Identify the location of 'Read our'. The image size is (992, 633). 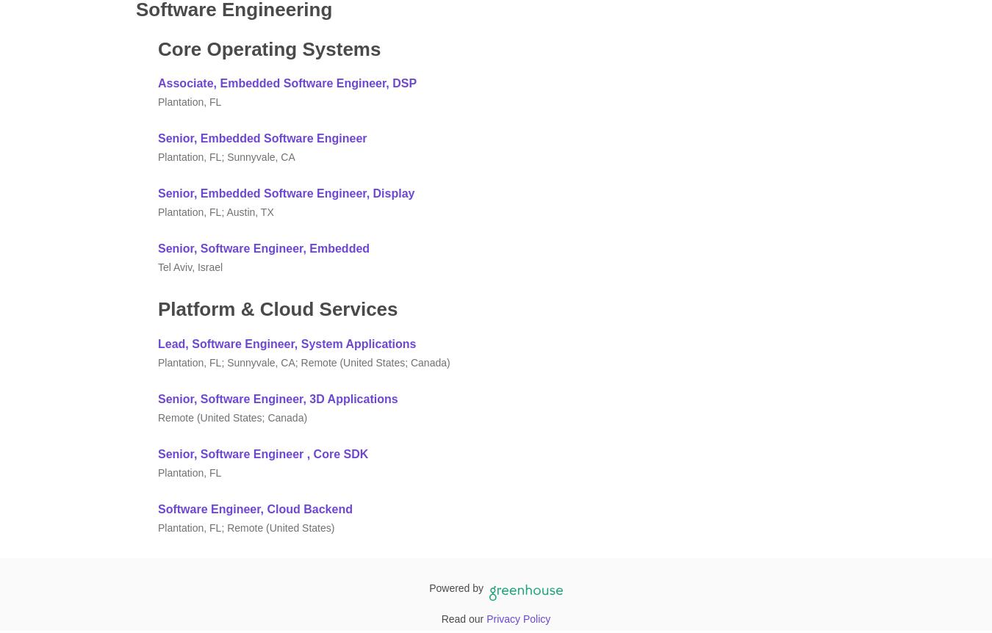
(440, 618).